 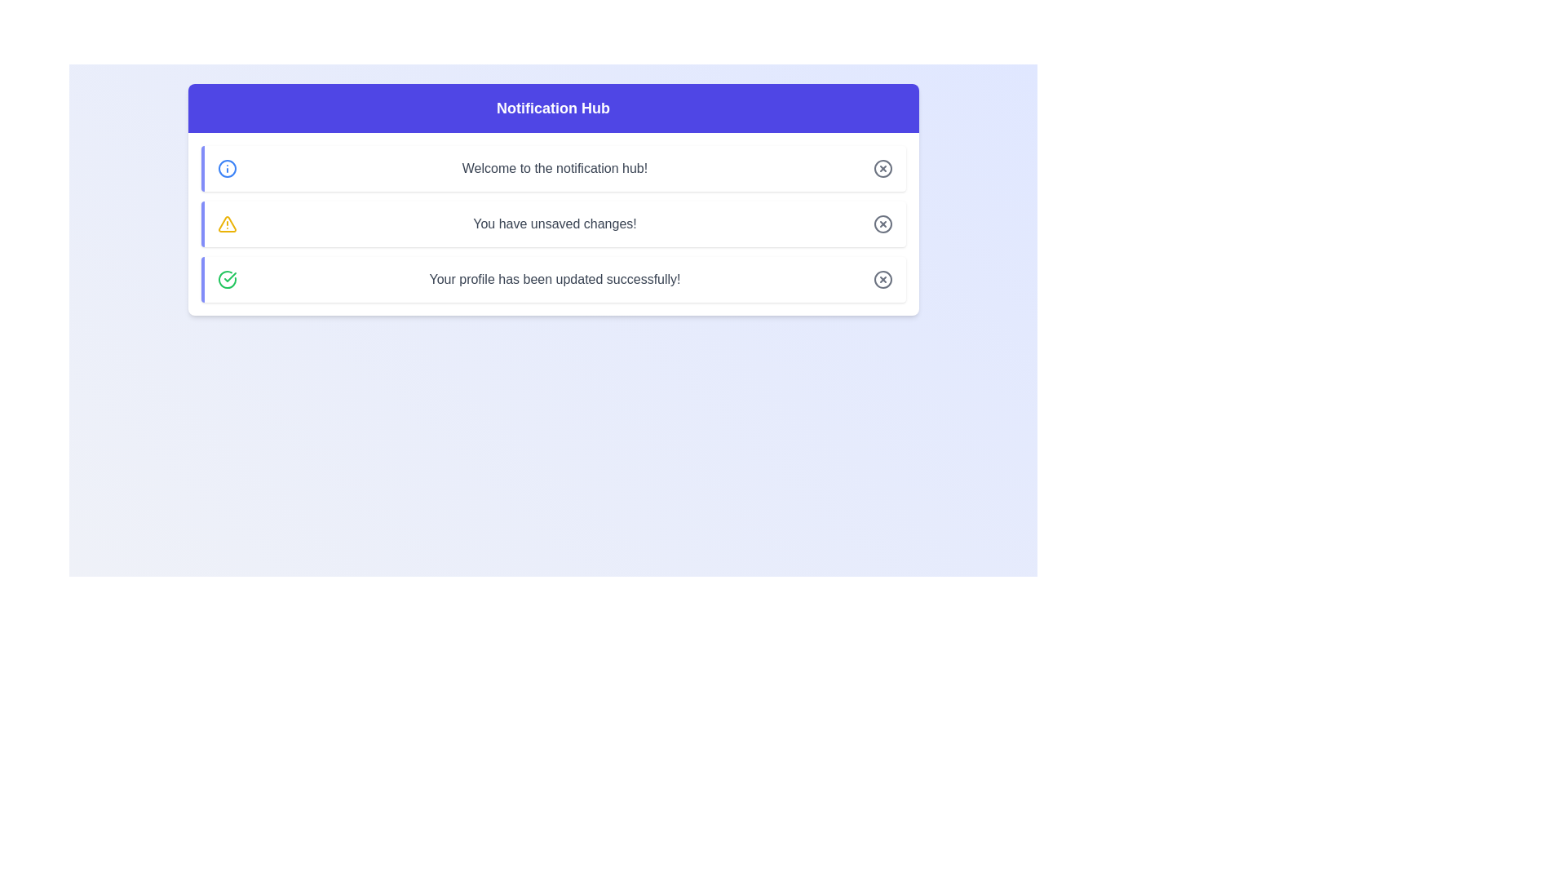 I want to click on the text label displaying 'Welcome to the notification hub!' which is styled with gray text and located within the first notification card, so click(x=555, y=169).